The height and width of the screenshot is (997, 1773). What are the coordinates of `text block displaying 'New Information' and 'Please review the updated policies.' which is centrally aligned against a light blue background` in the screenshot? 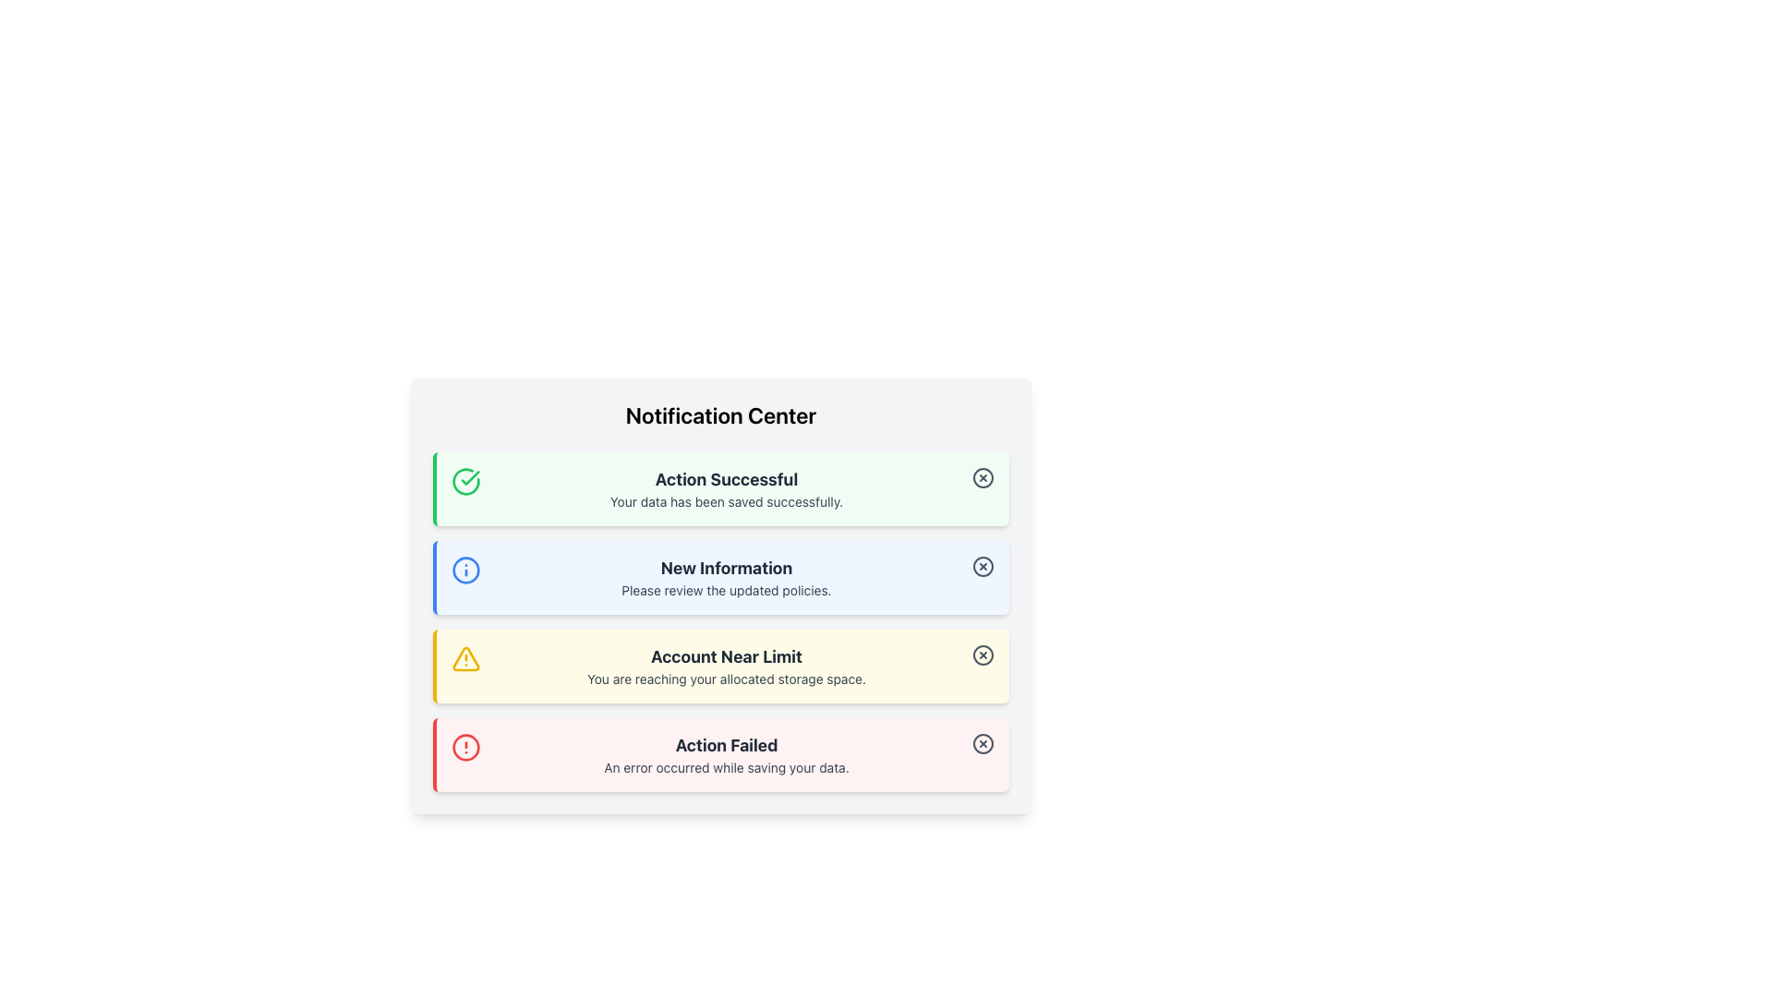 It's located at (726, 576).